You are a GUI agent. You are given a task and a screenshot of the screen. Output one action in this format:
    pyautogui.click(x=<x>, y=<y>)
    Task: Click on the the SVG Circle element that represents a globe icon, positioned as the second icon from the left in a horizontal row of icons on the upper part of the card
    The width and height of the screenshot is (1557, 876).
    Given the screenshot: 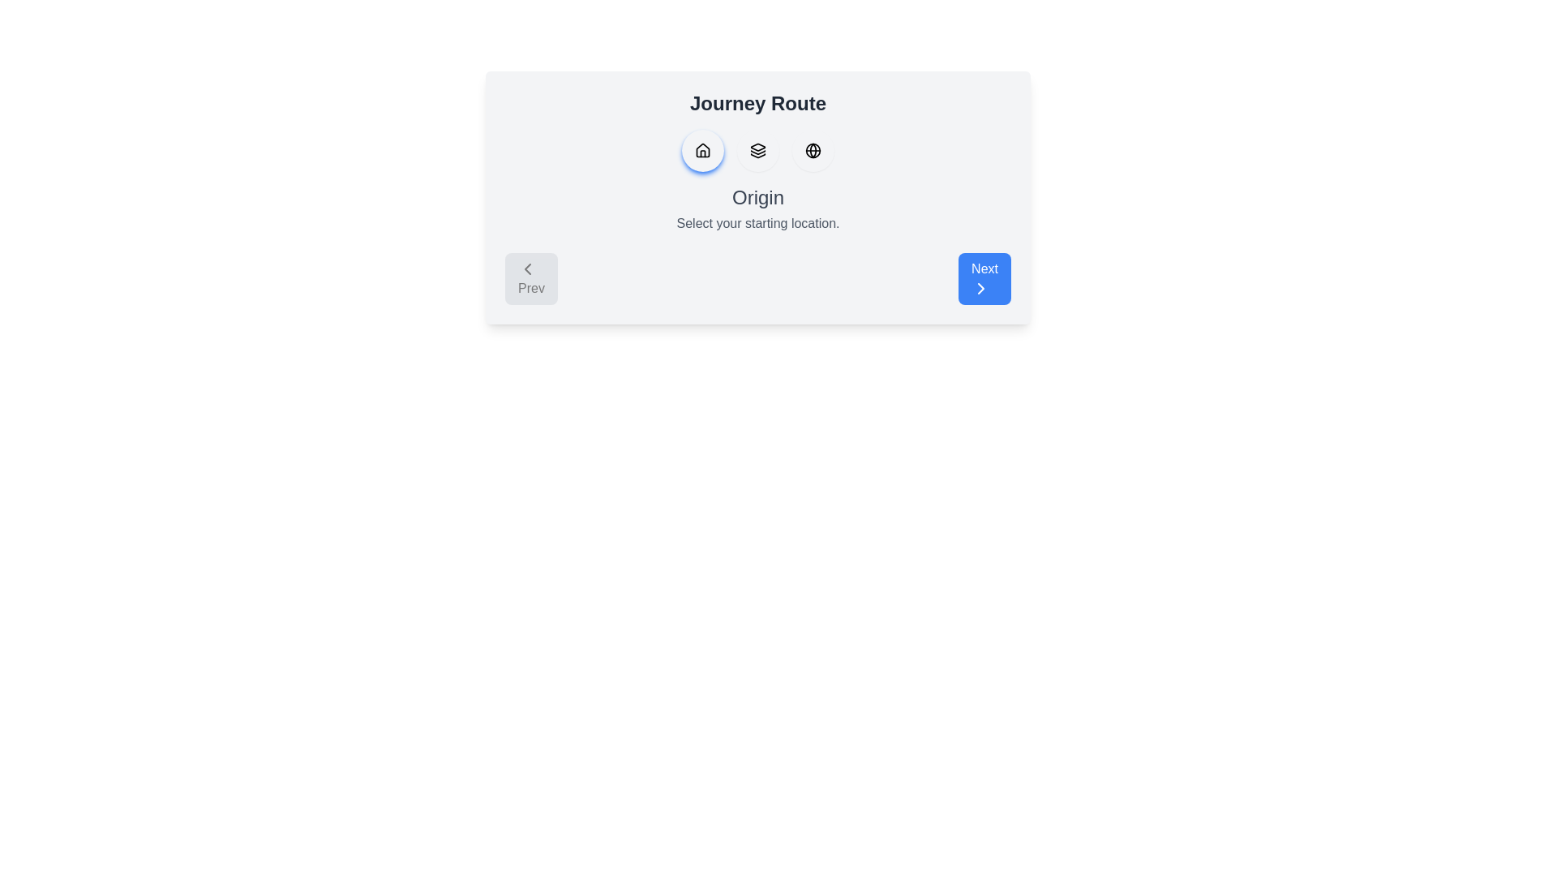 What is the action you would take?
    pyautogui.click(x=813, y=150)
    